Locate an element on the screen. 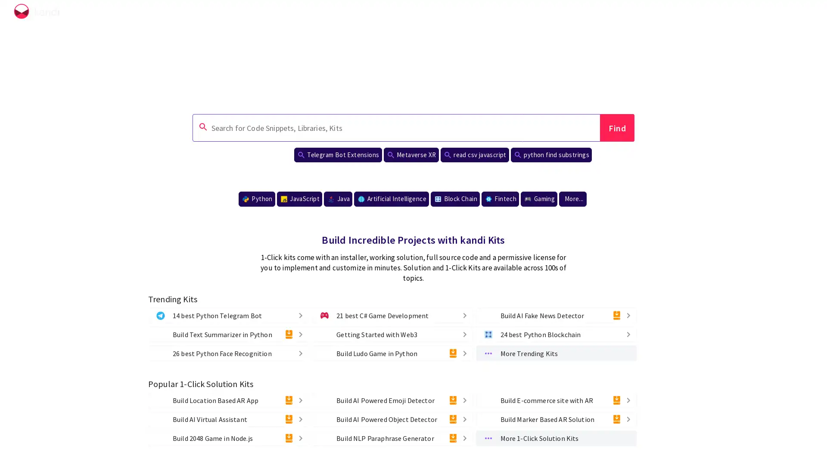 This screenshot has height=465, width=827. delete is located at coordinates (452, 438).